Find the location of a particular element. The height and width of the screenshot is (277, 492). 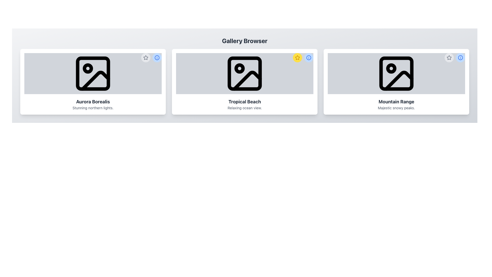

the Circle SVG Component that serves as a decorative icon within the third image card under the heading 'Mountain Range.' is located at coordinates (460, 57).